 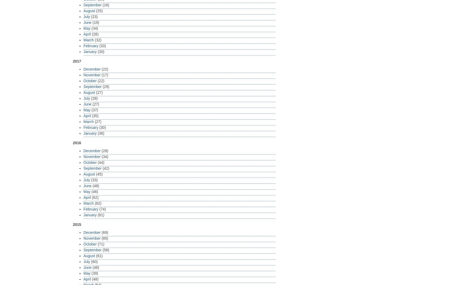 I want to click on '(39)', so click(x=94, y=273).